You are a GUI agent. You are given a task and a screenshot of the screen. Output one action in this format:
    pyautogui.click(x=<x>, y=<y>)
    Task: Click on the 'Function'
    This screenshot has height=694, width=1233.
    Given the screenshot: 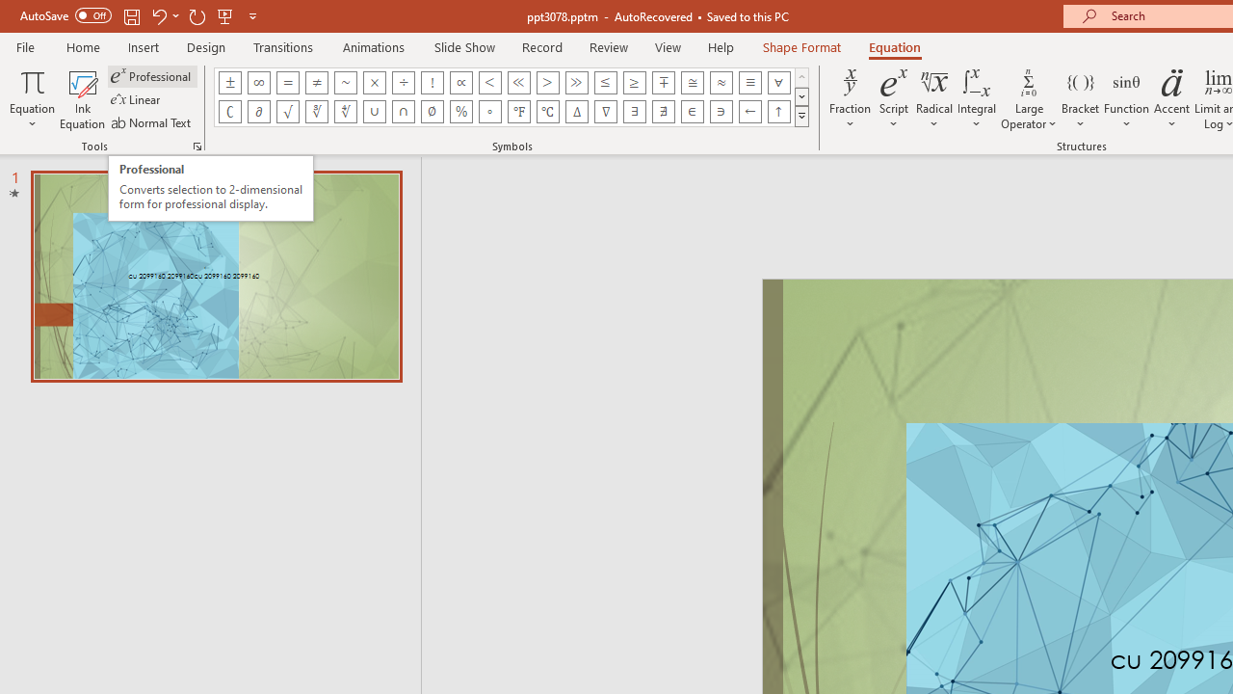 What is the action you would take?
    pyautogui.click(x=1126, y=99)
    